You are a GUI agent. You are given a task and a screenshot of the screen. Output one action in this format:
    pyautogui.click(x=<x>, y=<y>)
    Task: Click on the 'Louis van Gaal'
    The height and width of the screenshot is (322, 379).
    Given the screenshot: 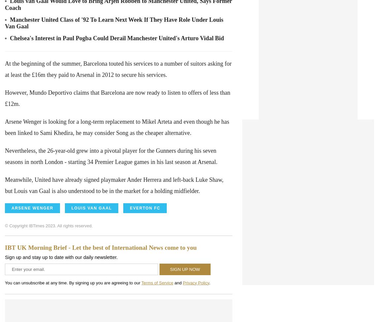 What is the action you would take?
    pyautogui.click(x=91, y=208)
    